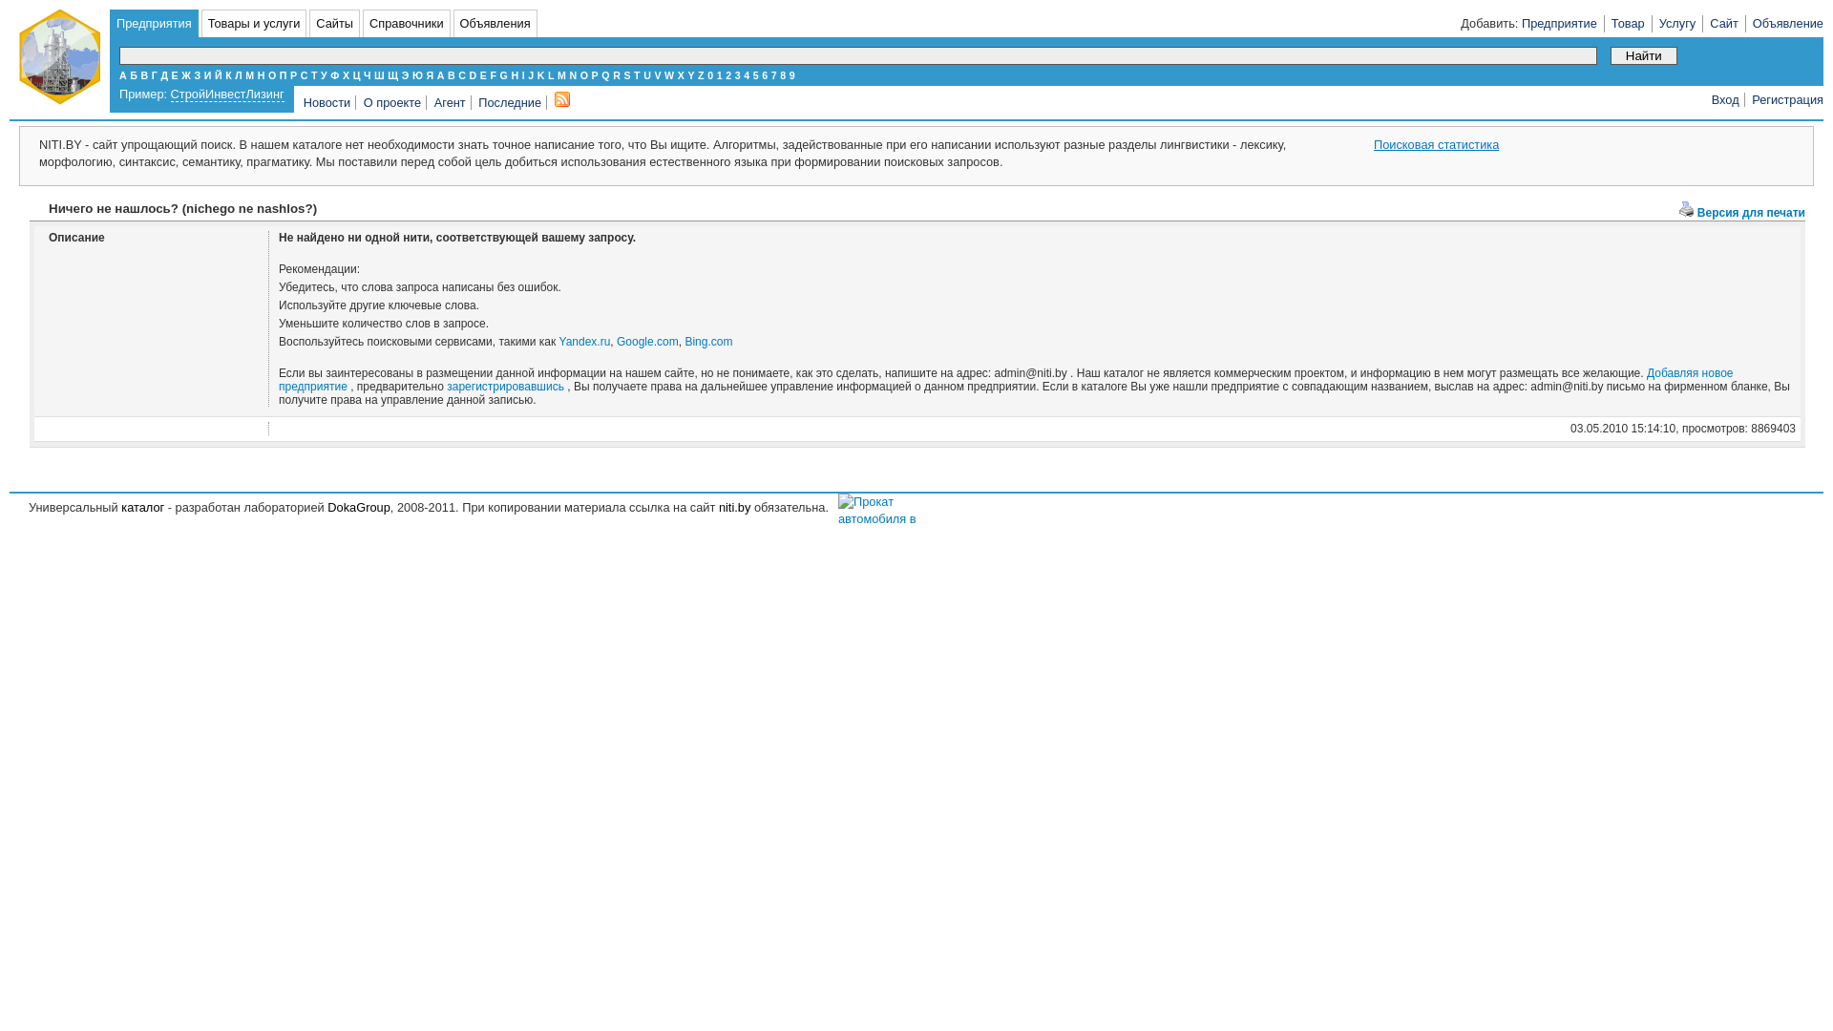 The height and width of the screenshot is (1031, 1833). What do you see at coordinates (654, 74) in the screenshot?
I see `'V'` at bounding box center [654, 74].